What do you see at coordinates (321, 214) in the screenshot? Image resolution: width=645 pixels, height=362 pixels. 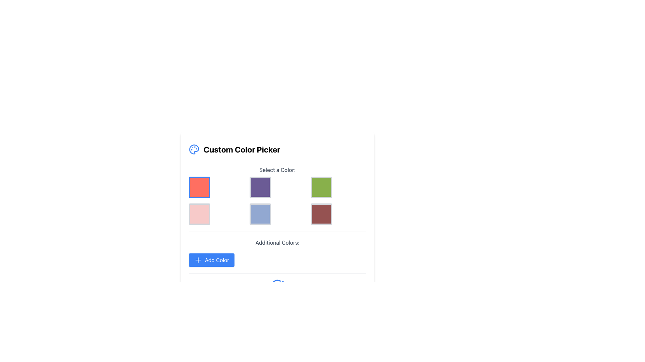 I see `the clickable color swatch located in the bottom-right corner of the grid` at bounding box center [321, 214].